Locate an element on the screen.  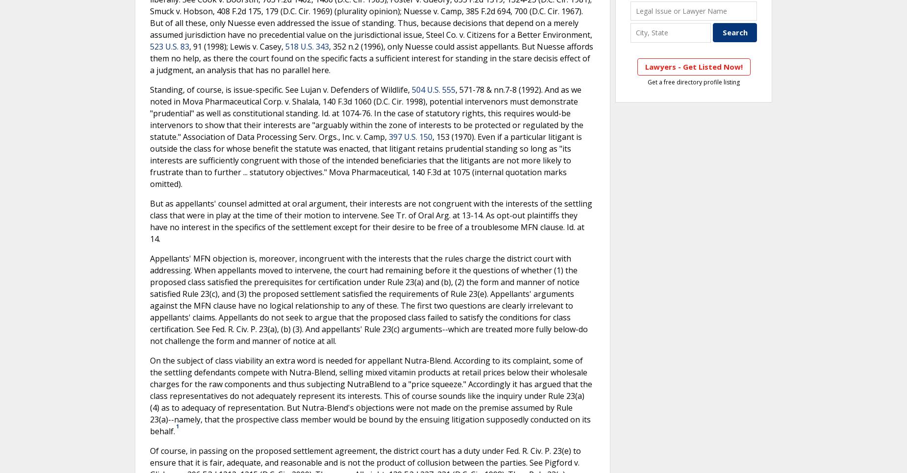
'1' is located at coordinates (177, 426).